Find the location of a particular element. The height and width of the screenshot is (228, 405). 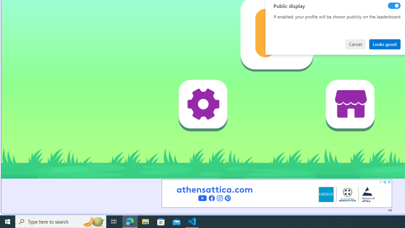

'Looks good!' is located at coordinates (384, 44).